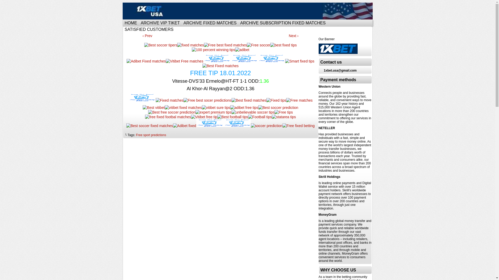 This screenshot has width=499, height=280. I want to click on 'Free fixed betting', so click(298, 126).